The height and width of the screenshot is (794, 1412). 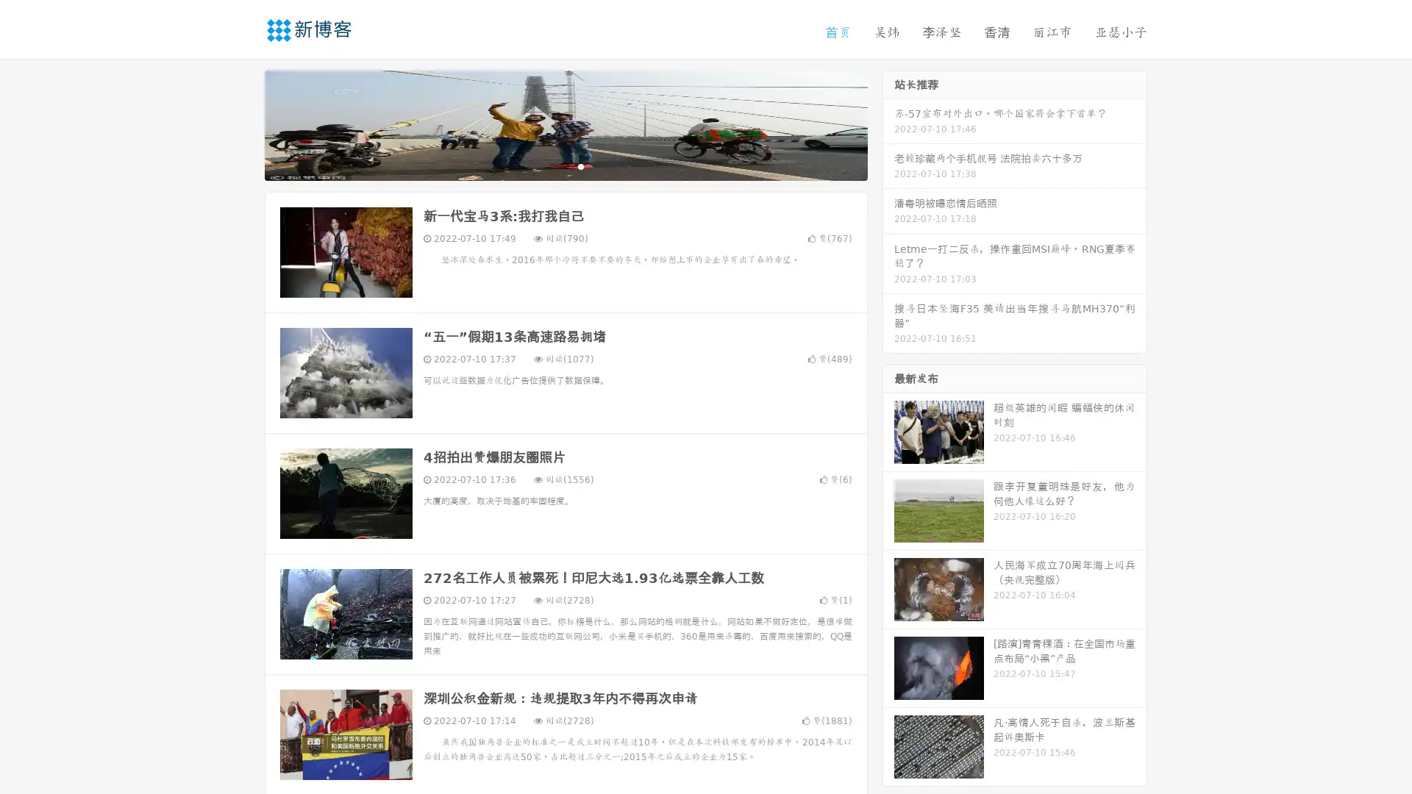 I want to click on Go to slide 1, so click(x=550, y=165).